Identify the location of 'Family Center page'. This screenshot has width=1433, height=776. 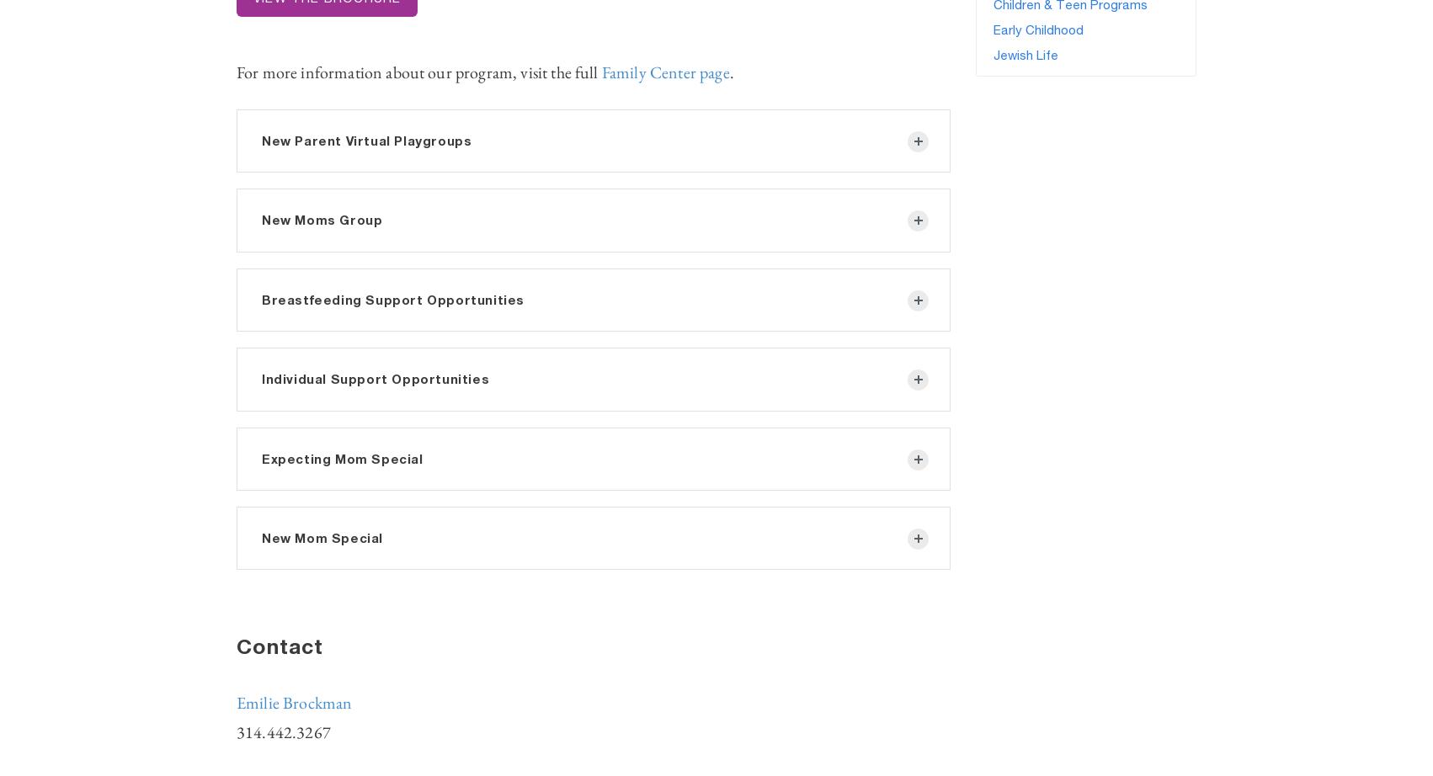
(664, 72).